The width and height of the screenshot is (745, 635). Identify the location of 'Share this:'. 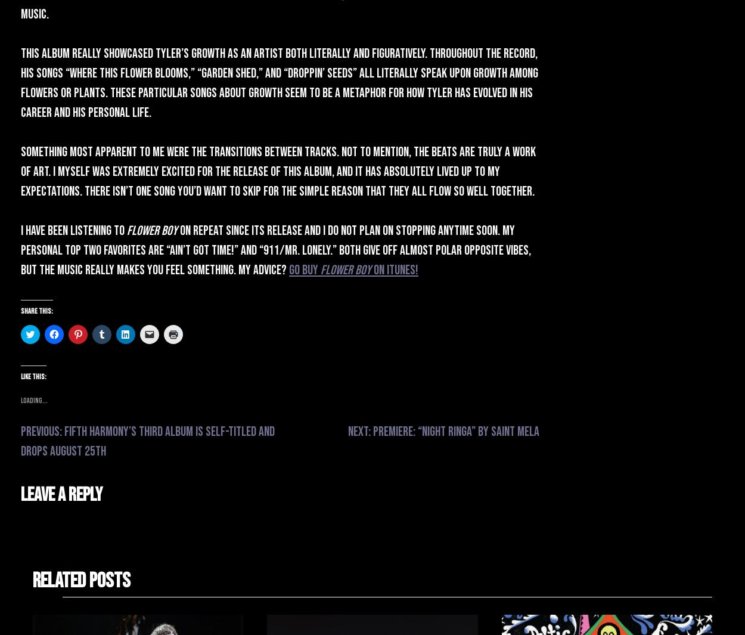
(37, 311).